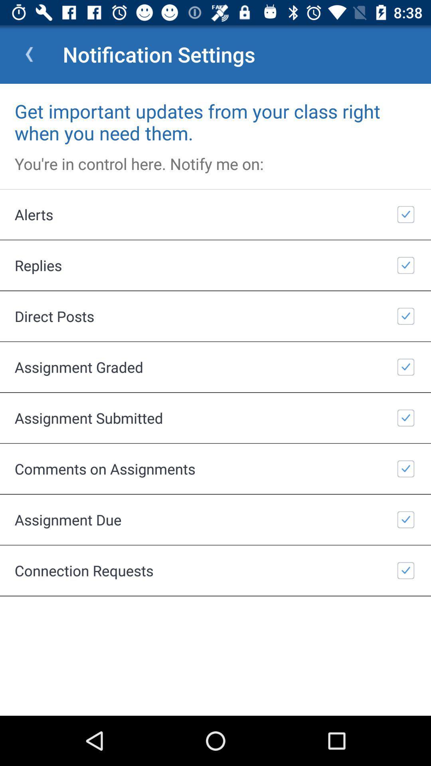 The height and width of the screenshot is (766, 431). What do you see at coordinates (215, 367) in the screenshot?
I see `the item above the assignment submitted item` at bounding box center [215, 367].